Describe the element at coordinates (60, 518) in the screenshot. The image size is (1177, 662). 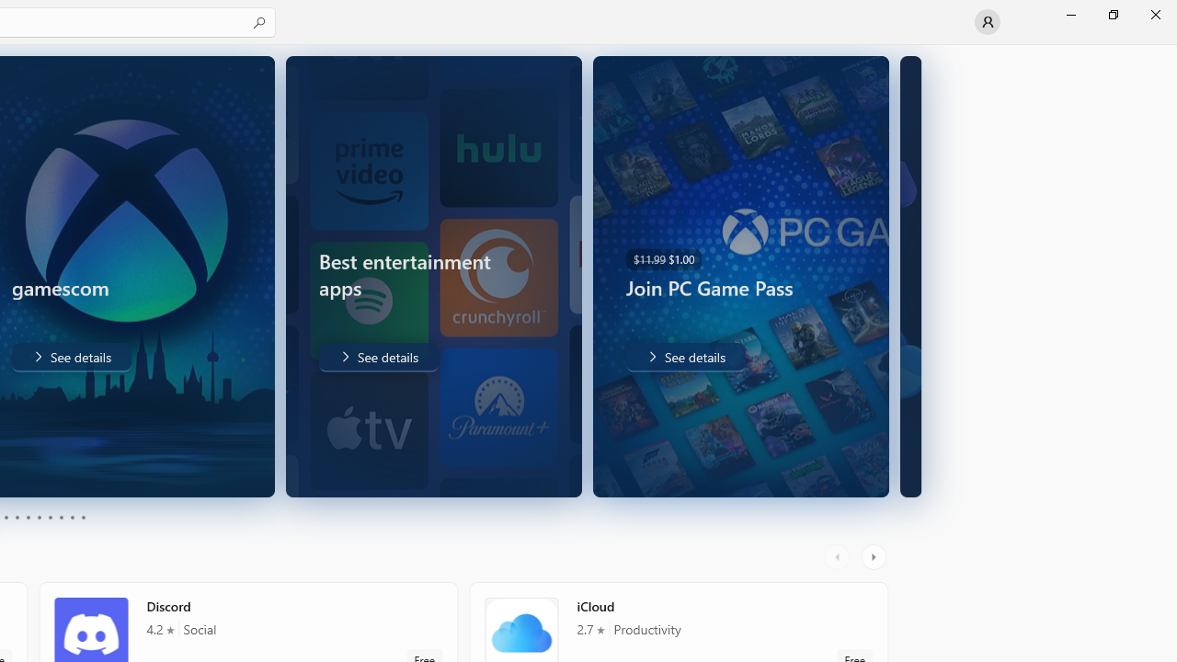
I see `'Page 8'` at that location.